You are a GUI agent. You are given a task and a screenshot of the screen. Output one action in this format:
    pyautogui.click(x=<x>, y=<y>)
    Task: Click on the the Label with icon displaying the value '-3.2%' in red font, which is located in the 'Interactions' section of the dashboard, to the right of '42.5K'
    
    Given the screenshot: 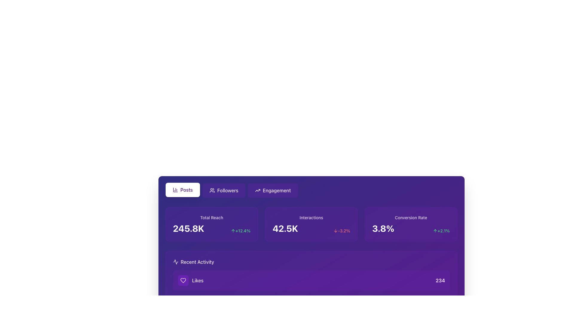 What is the action you would take?
    pyautogui.click(x=341, y=230)
    